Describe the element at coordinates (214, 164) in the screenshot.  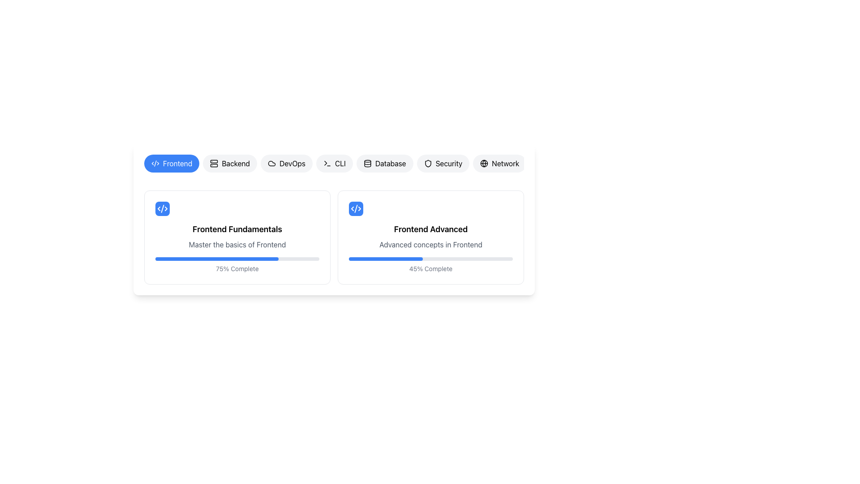
I see `the server rack icon located inside the 'Backend' button to potentially view additional information or highlights` at that location.